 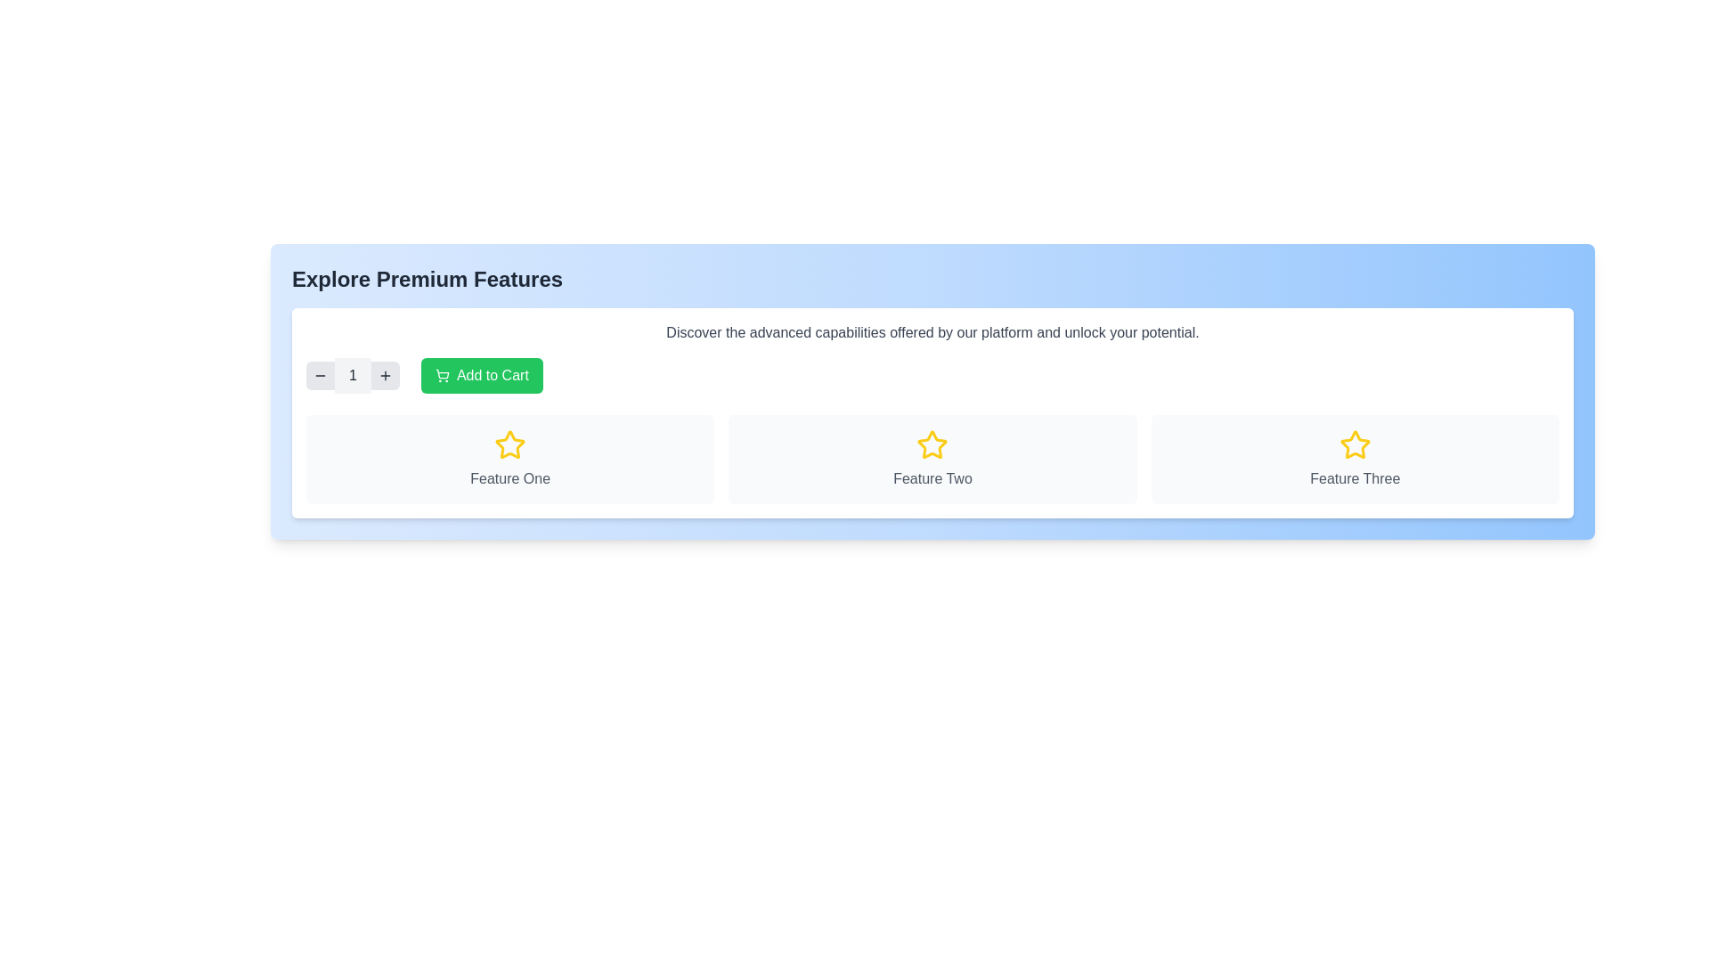 What do you see at coordinates (442, 374) in the screenshot?
I see `the shopping cart icon embedded in the 'Add to Cart' button, which has a green background and white cart graphics with circular wheels` at bounding box center [442, 374].